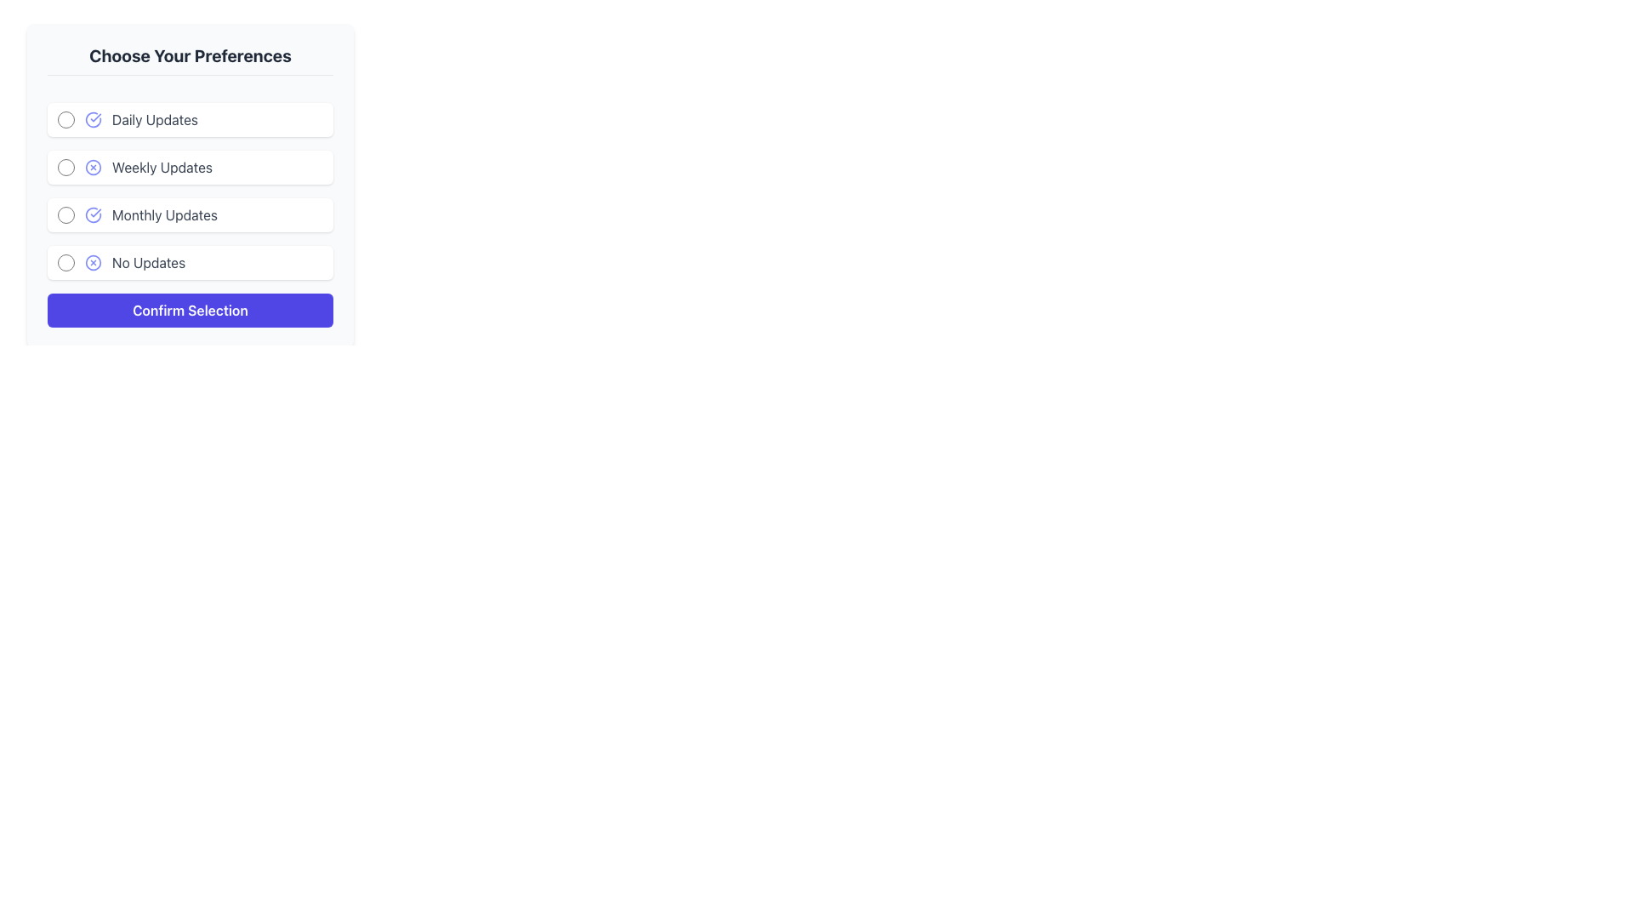 This screenshot has height=919, width=1633. Describe the element at coordinates (164, 214) in the screenshot. I see `text label that indicates the purpose of the 'Monthly Updates' selection option, which is the third option in the 'Choose Your Preferences' section` at that location.